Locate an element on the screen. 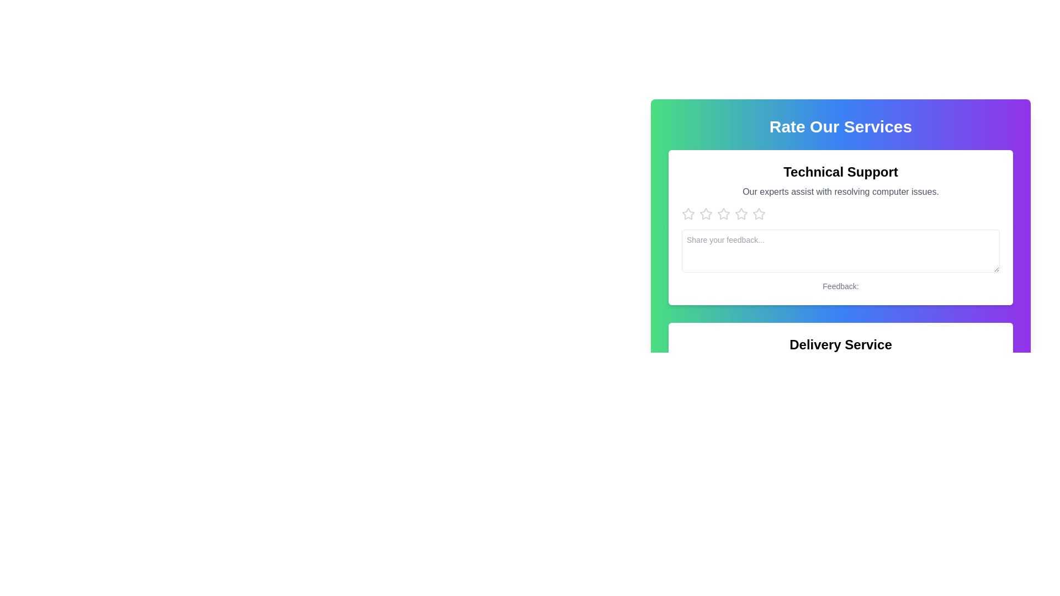 Image resolution: width=1060 pixels, height=596 pixels. the second star icon in the row of five hollow gray rating stars under the 'Technical Support' section is located at coordinates (705, 214).